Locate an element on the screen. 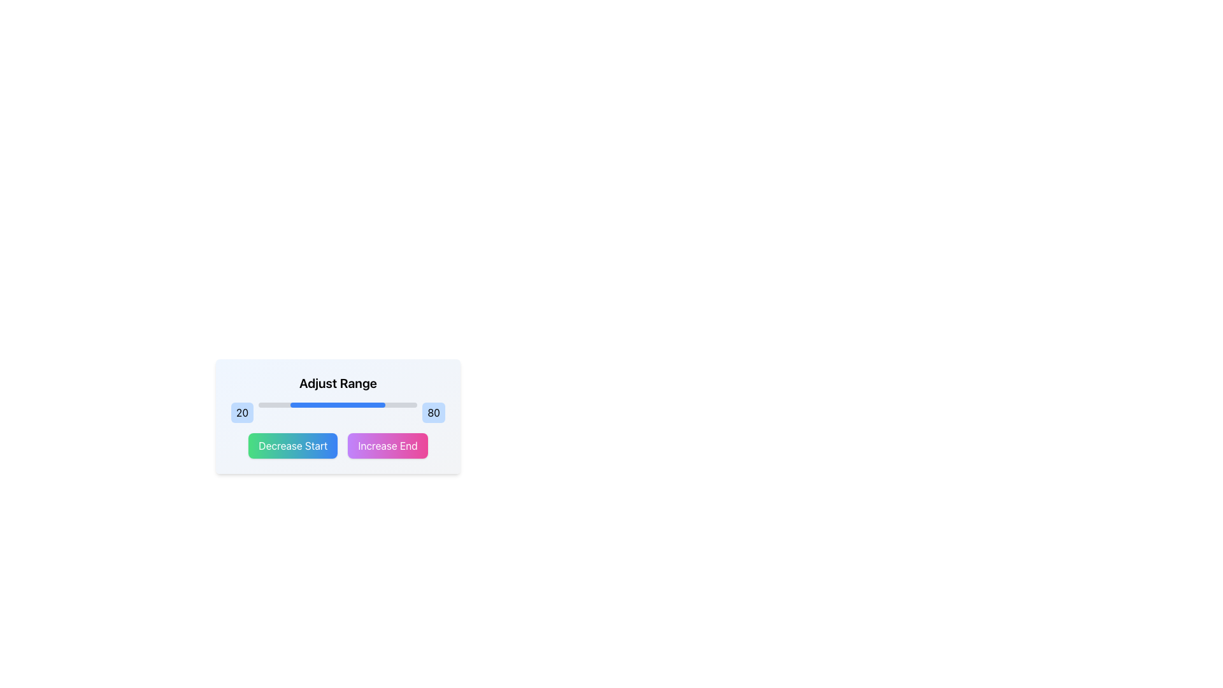 This screenshot has width=1223, height=688. the left button of the Button Group located in the 'Adjust Range' section to decrement the start value is located at coordinates (338, 445).